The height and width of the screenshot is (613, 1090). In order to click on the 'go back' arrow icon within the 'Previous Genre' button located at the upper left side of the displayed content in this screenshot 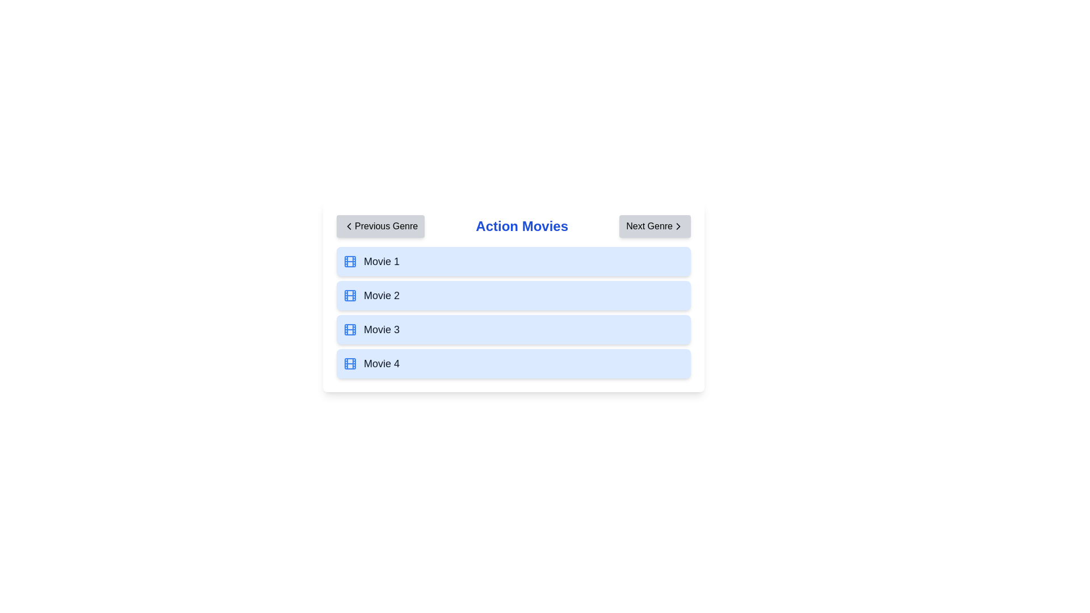, I will do `click(348, 226)`.